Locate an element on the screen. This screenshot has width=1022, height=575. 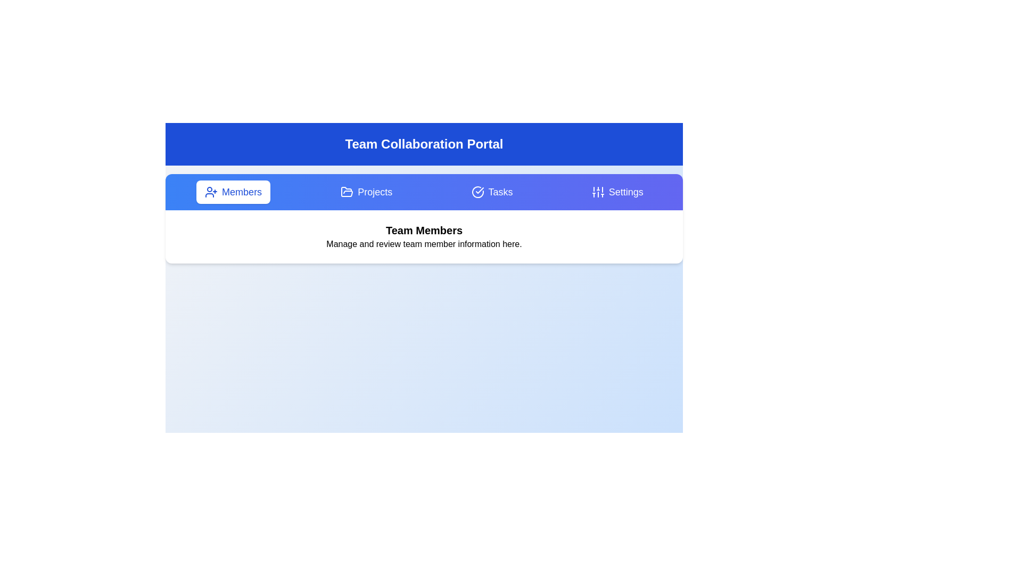
the Header or title banner at the top of the page, which indicates the purpose or branding of the portal is located at coordinates (423, 144).